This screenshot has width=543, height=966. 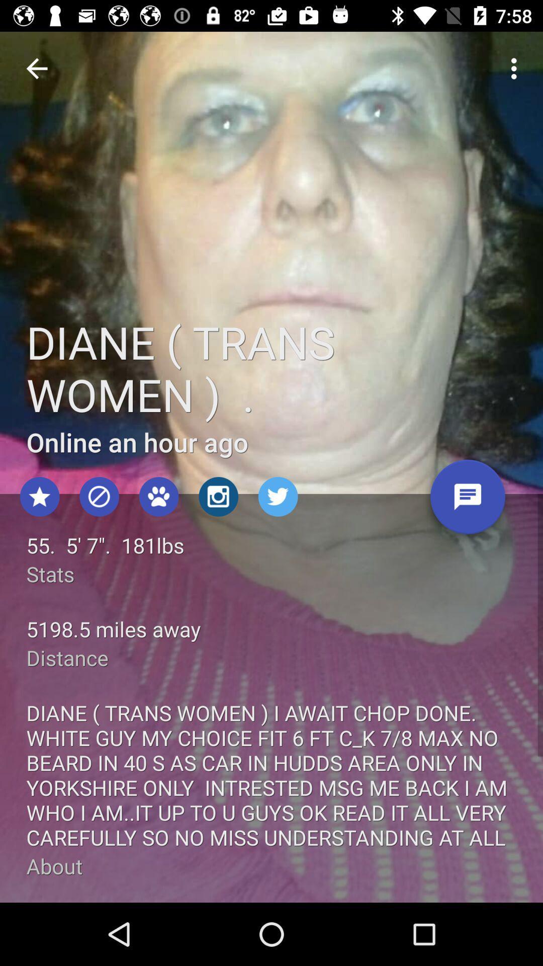 What do you see at coordinates (468, 501) in the screenshot?
I see `tap to message` at bounding box center [468, 501].